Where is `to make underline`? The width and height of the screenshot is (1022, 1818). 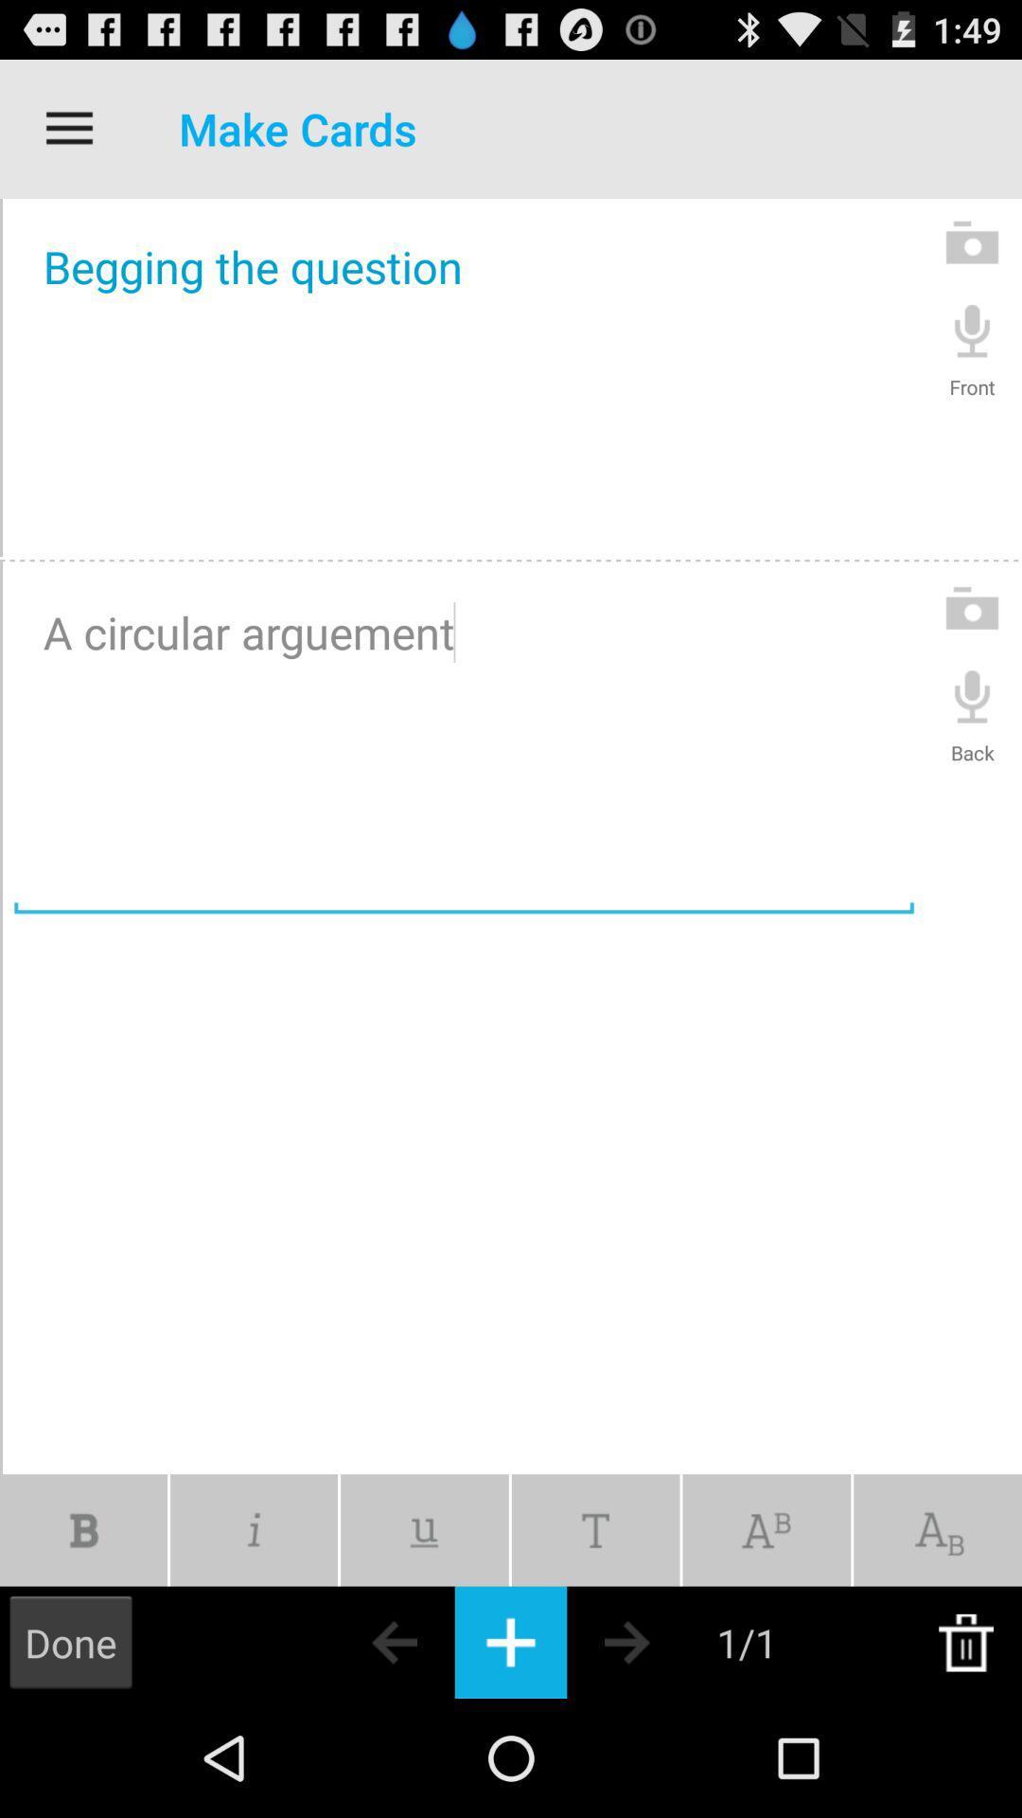 to make underline is located at coordinates (423, 1530).